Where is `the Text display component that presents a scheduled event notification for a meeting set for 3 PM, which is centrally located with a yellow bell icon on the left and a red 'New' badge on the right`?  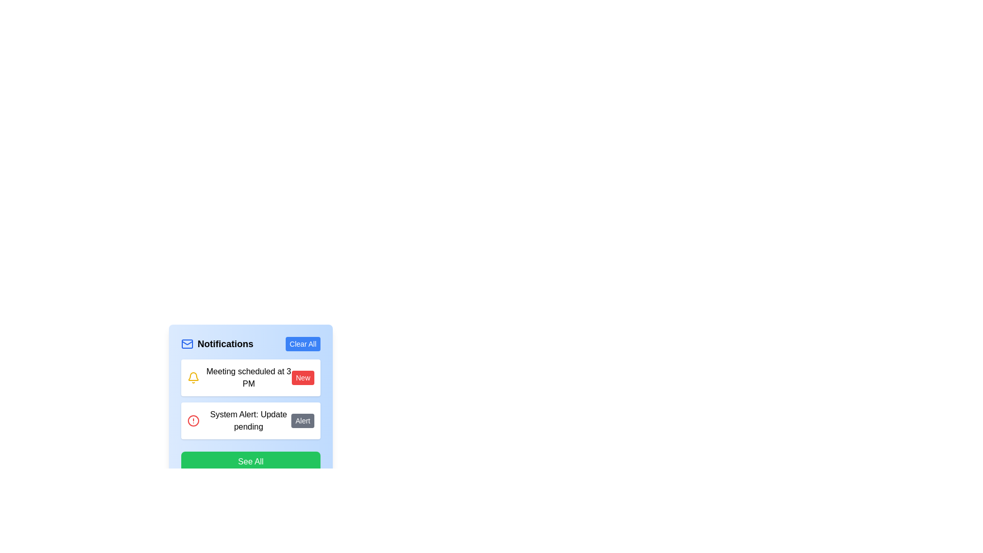
the Text display component that presents a scheduled event notification for a meeting set for 3 PM, which is centrally located with a yellow bell icon on the left and a red 'New' badge on the right is located at coordinates (248, 377).